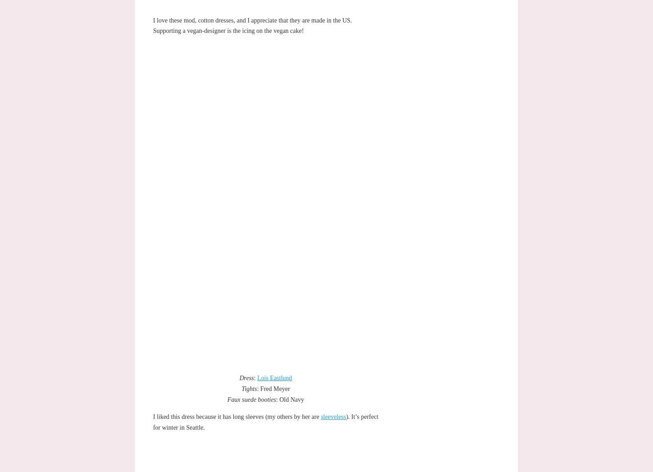 This screenshot has height=472, width=653. Describe the element at coordinates (254, 378) in the screenshot. I see `':'` at that location.